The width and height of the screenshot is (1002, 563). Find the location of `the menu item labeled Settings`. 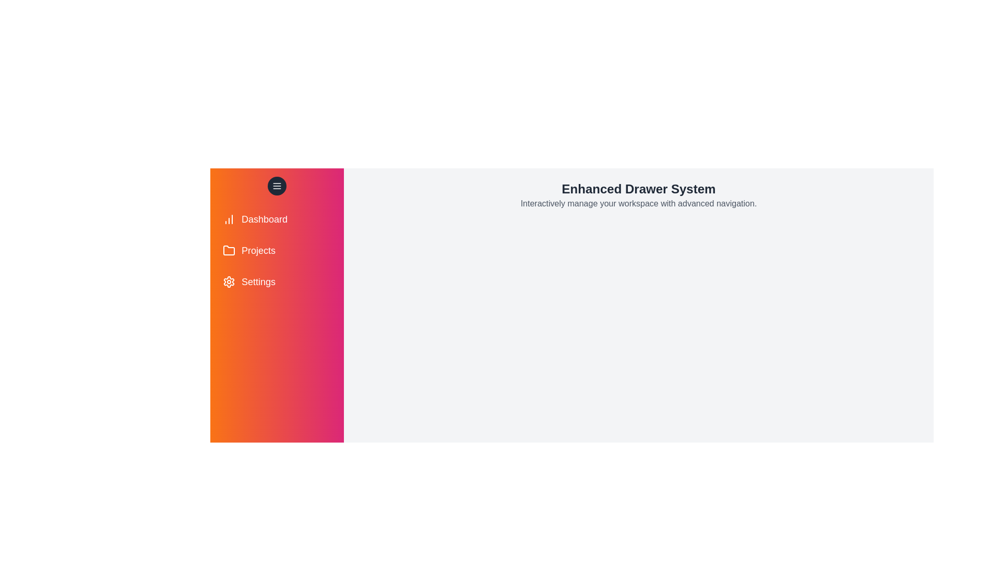

the menu item labeled Settings is located at coordinates (277, 281).